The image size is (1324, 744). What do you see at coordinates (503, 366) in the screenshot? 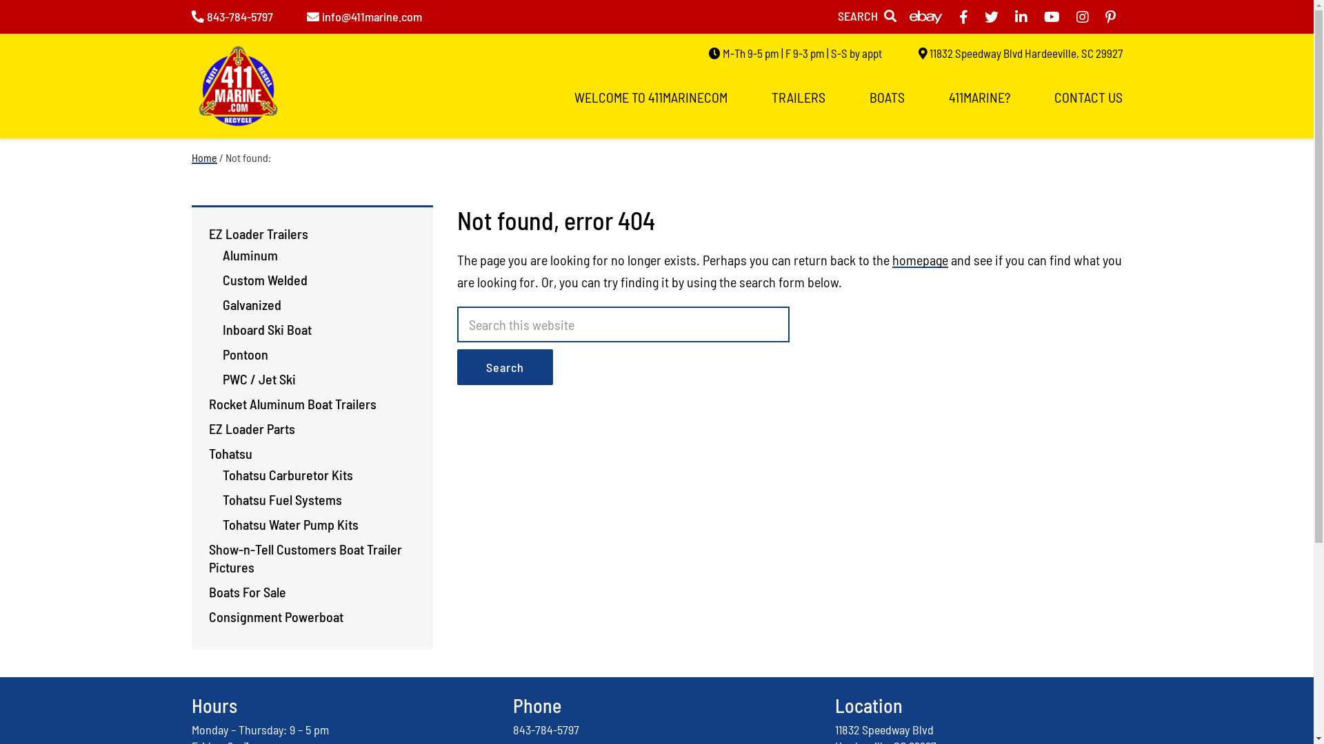
I see `'Search'` at bounding box center [503, 366].